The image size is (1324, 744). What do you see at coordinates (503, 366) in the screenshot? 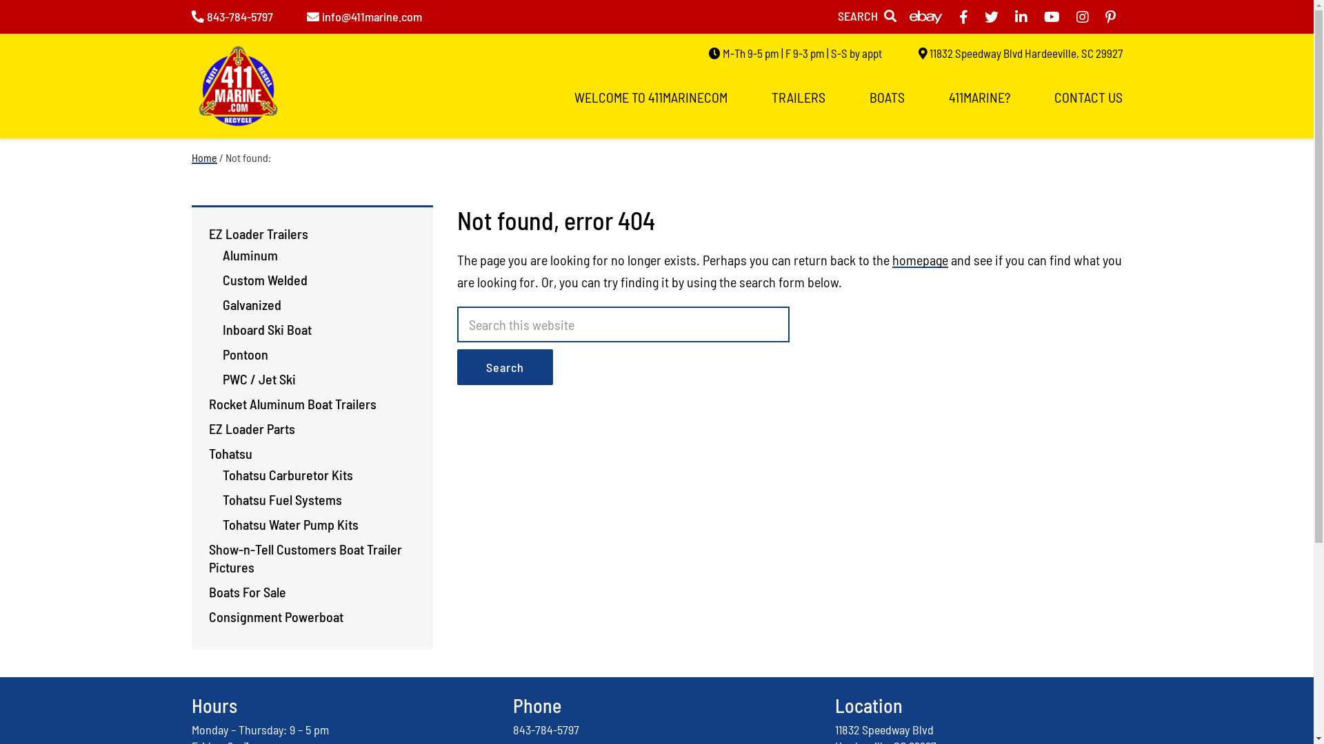
I see `'Search'` at bounding box center [503, 366].